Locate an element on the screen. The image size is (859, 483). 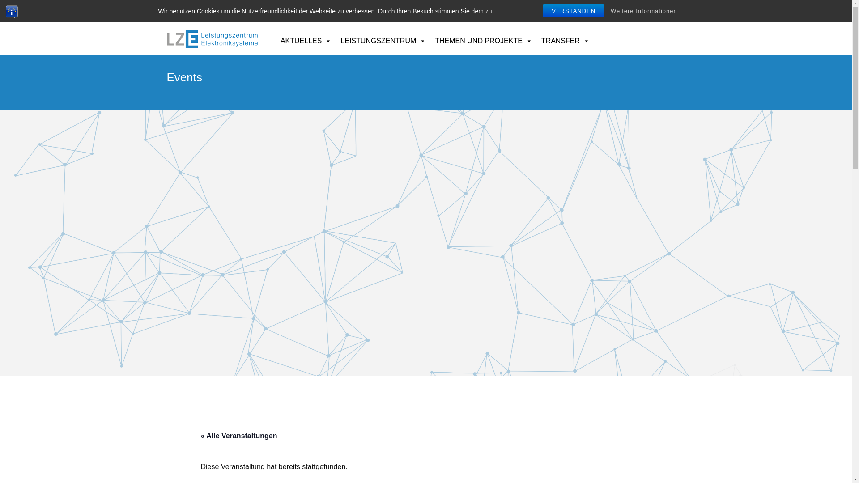
'Kontakt' is located at coordinates (627, 10).